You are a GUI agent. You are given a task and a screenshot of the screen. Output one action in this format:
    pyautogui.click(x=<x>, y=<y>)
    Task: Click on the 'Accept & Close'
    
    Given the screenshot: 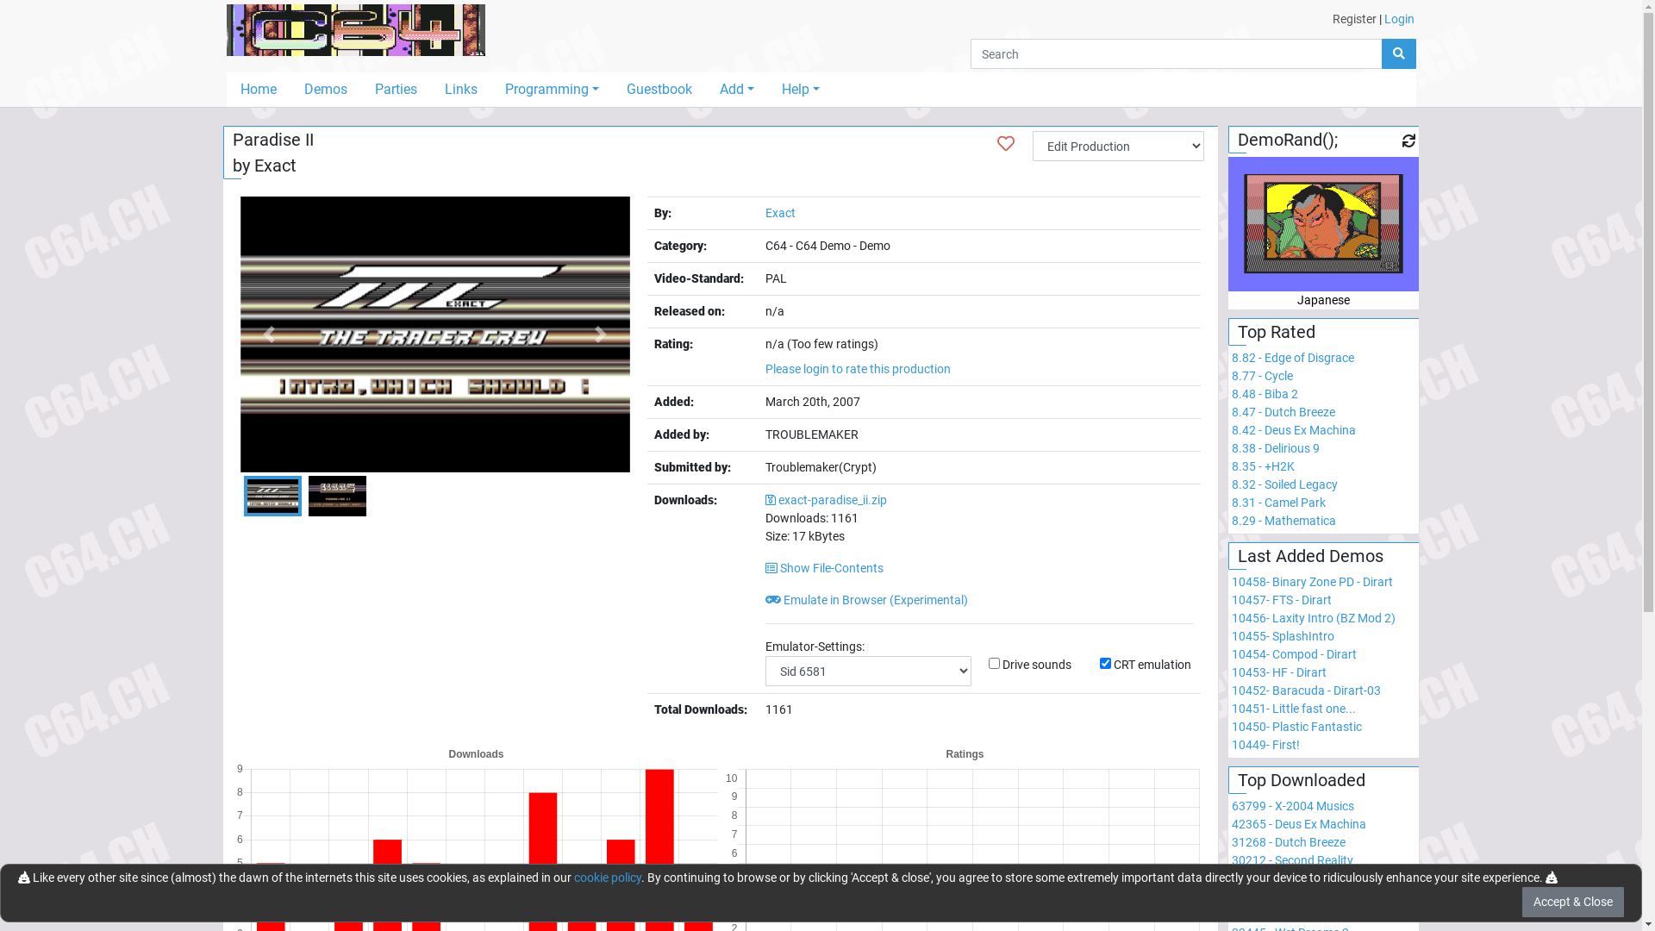 What is the action you would take?
    pyautogui.click(x=1572, y=901)
    